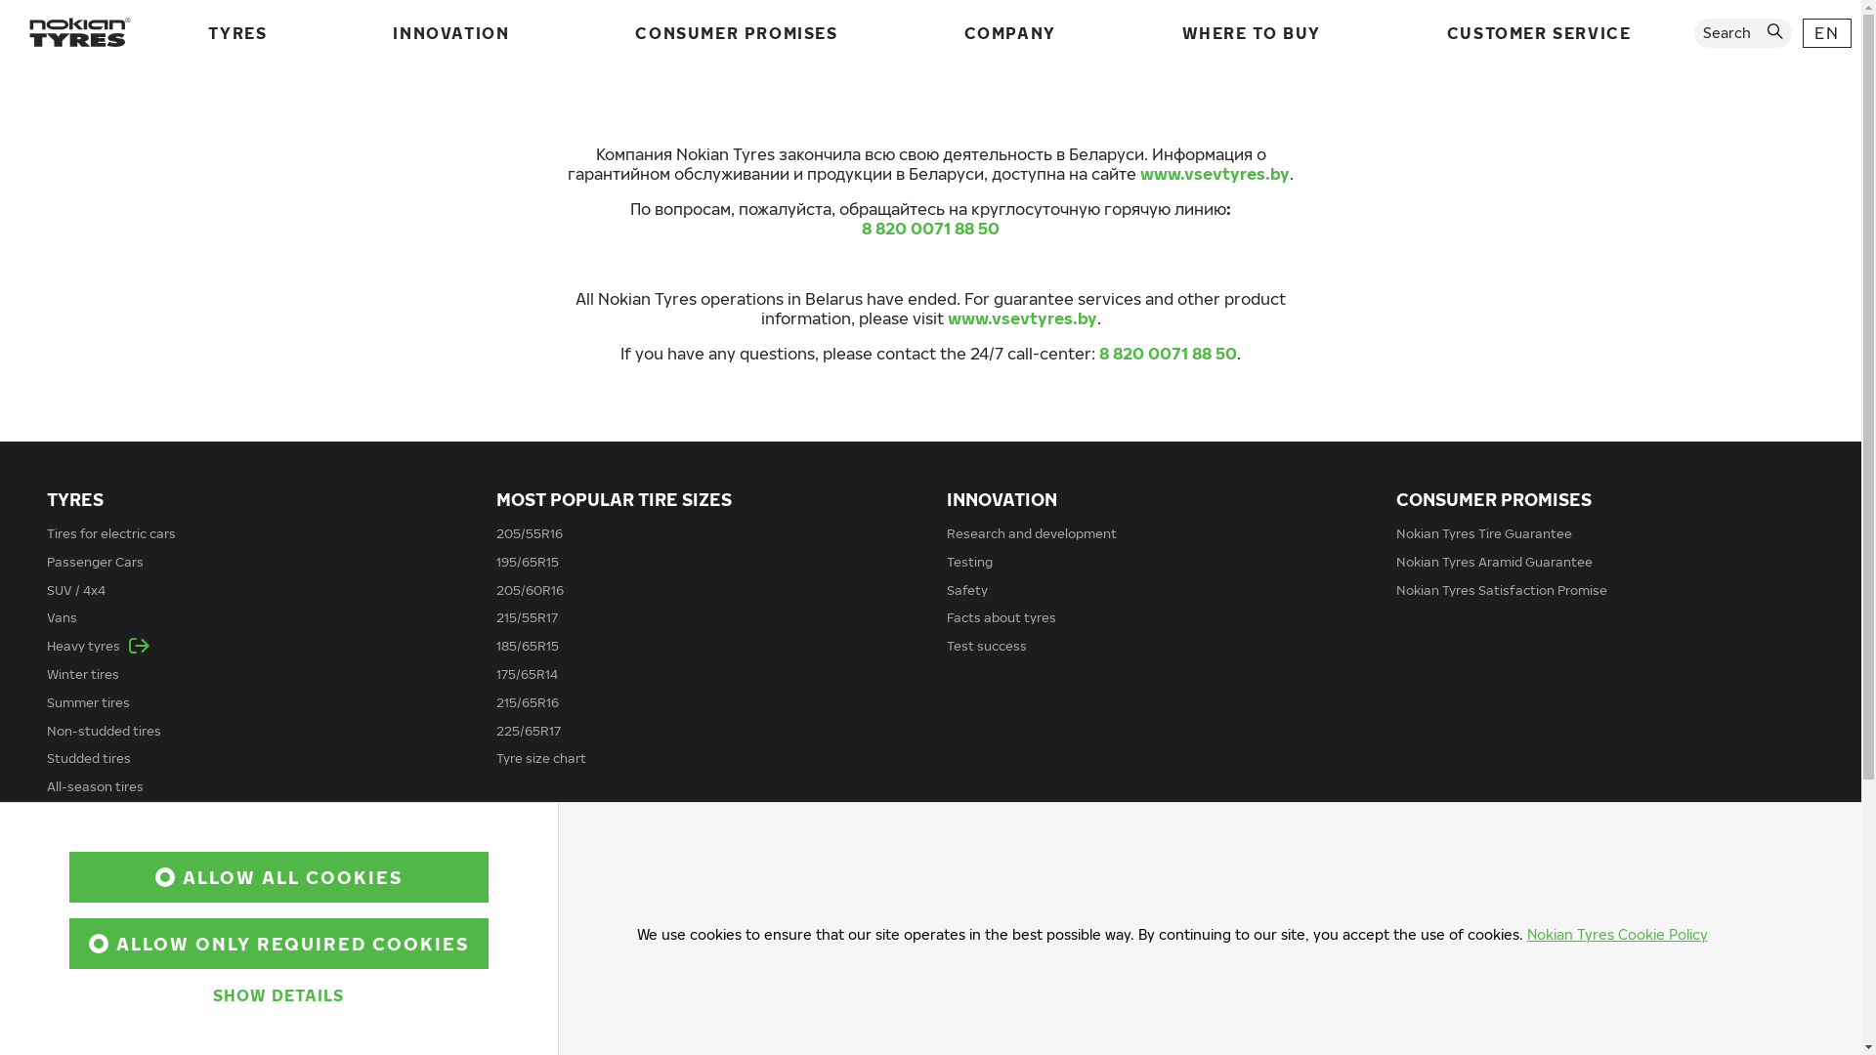 The width and height of the screenshot is (1876, 1055). I want to click on 'EN', so click(1826, 33).